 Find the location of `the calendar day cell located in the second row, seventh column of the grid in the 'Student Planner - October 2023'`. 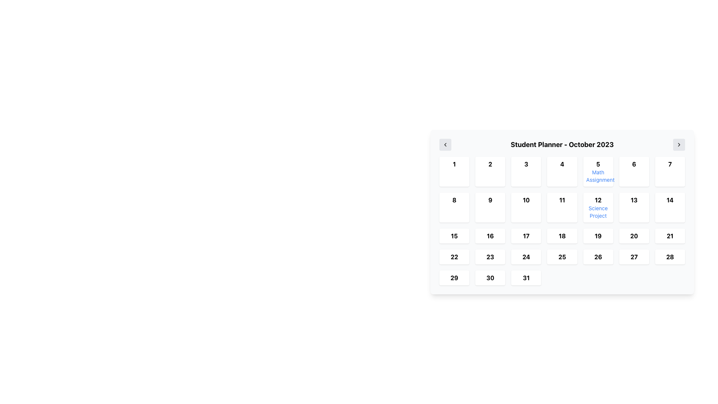

the calendar day cell located in the second row, seventh column of the grid in the 'Student Planner - October 2023' is located at coordinates (670, 208).